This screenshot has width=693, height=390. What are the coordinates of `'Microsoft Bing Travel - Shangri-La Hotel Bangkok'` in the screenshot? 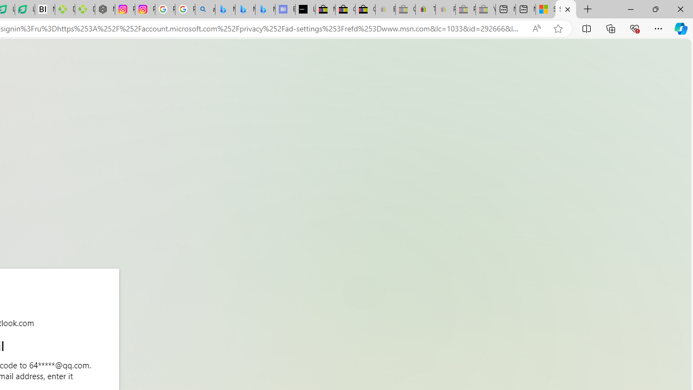 It's located at (265, 9).